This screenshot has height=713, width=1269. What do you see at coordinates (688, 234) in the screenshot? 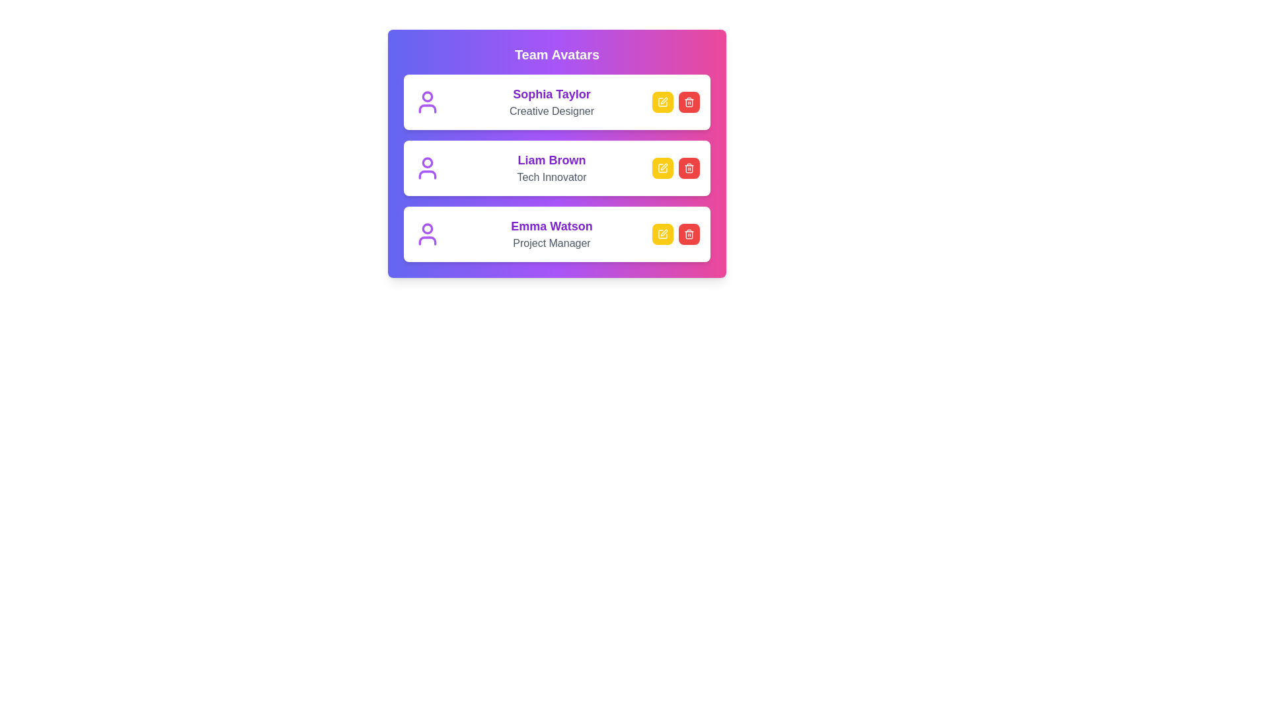
I see `the trash can icon located within the red delete button at the far right of the interface` at bounding box center [688, 234].